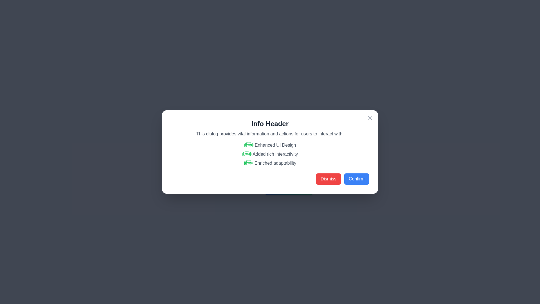 The image size is (540, 304). Describe the element at coordinates (270, 154) in the screenshot. I see `text of the List with styled bullet points located in the center section of the dialog box, which is positioned above the 'Dismiss' and 'Confirm' buttons` at that location.